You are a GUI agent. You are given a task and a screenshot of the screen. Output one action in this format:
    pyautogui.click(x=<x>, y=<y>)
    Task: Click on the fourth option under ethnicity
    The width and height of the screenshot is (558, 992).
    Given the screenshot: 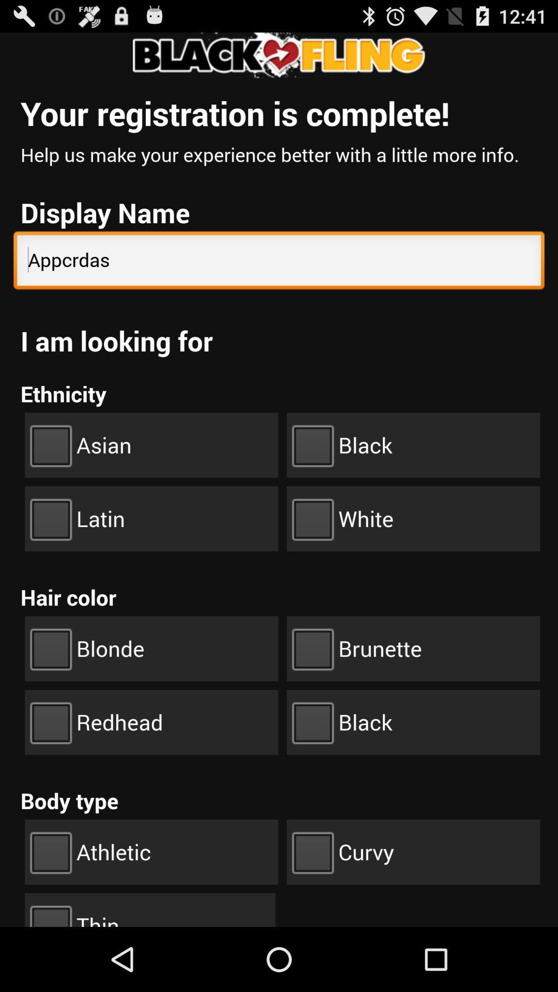 What is the action you would take?
    pyautogui.click(x=413, y=518)
    